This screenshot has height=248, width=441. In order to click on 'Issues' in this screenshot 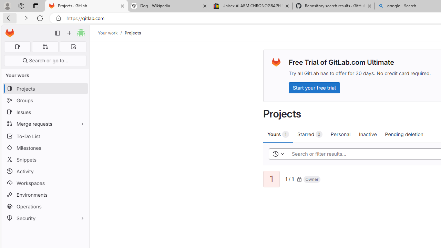, I will do `click(45, 112)`.